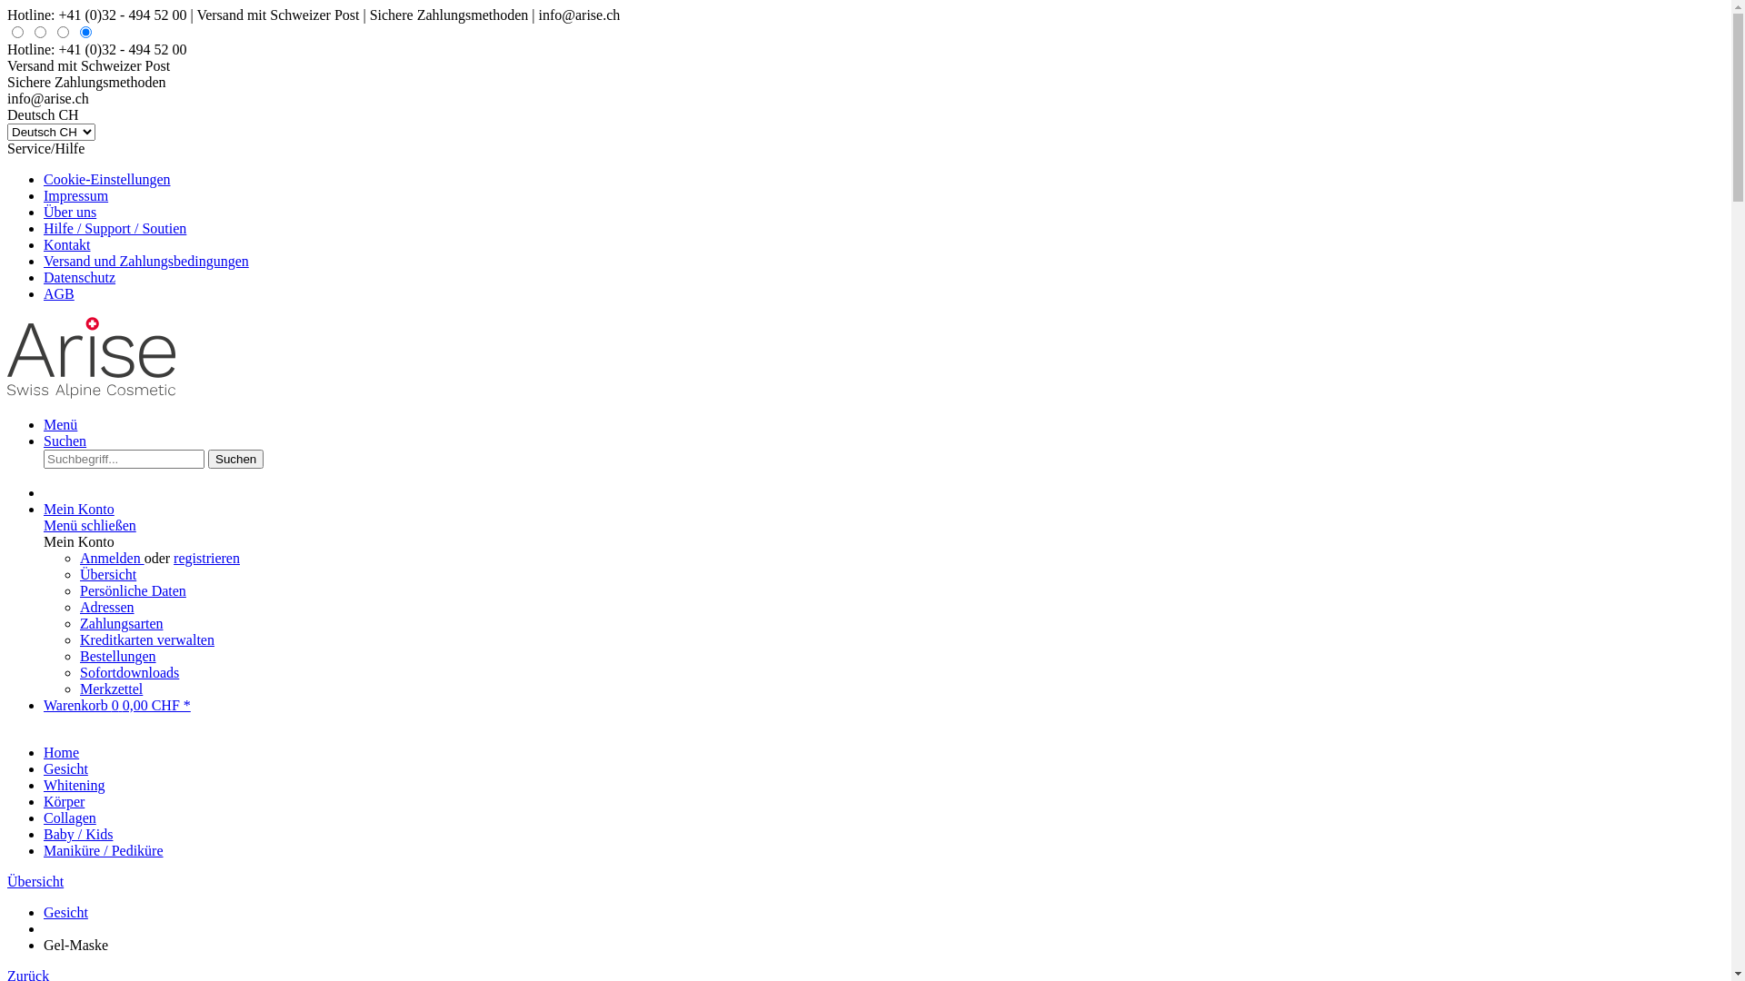 The image size is (1745, 981). Describe the element at coordinates (66, 243) in the screenshot. I see `'Kontakt'` at that location.